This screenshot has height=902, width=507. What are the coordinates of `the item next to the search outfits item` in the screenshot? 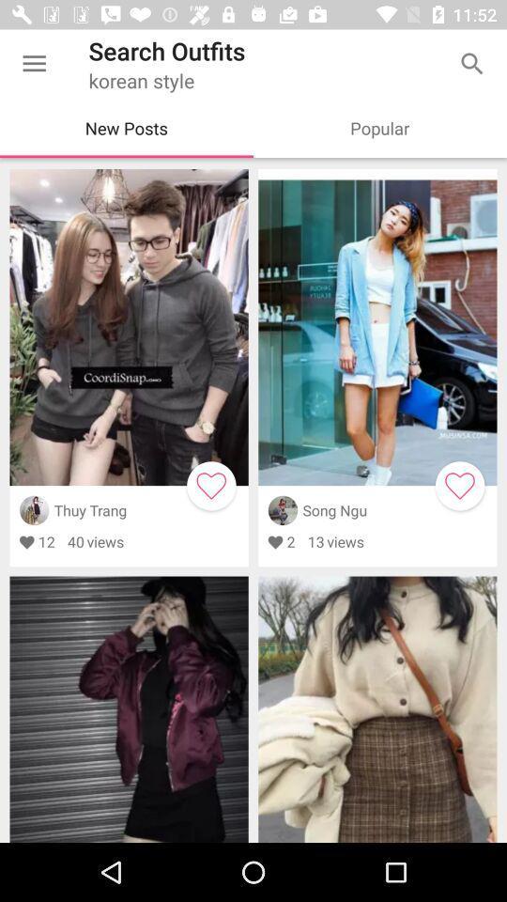 It's located at (34, 64).